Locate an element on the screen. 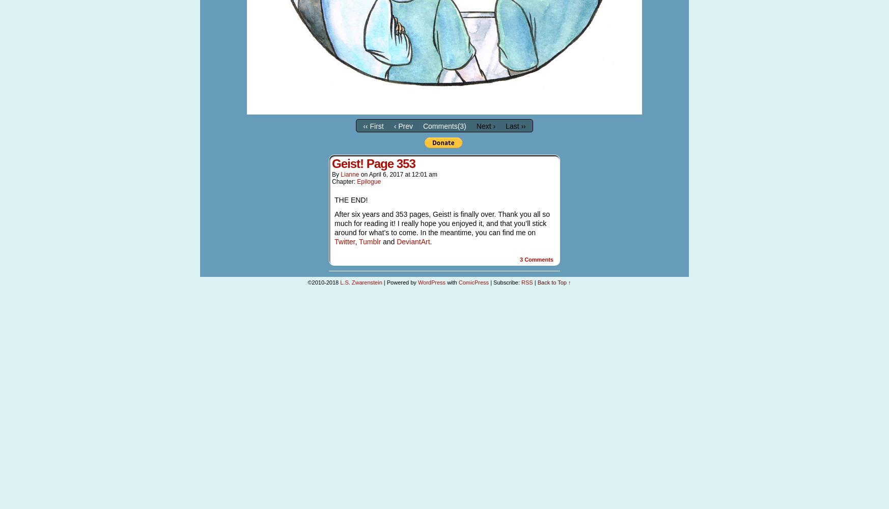 The width and height of the screenshot is (889, 509). 'Back to Top ↑' is located at coordinates (553, 282).